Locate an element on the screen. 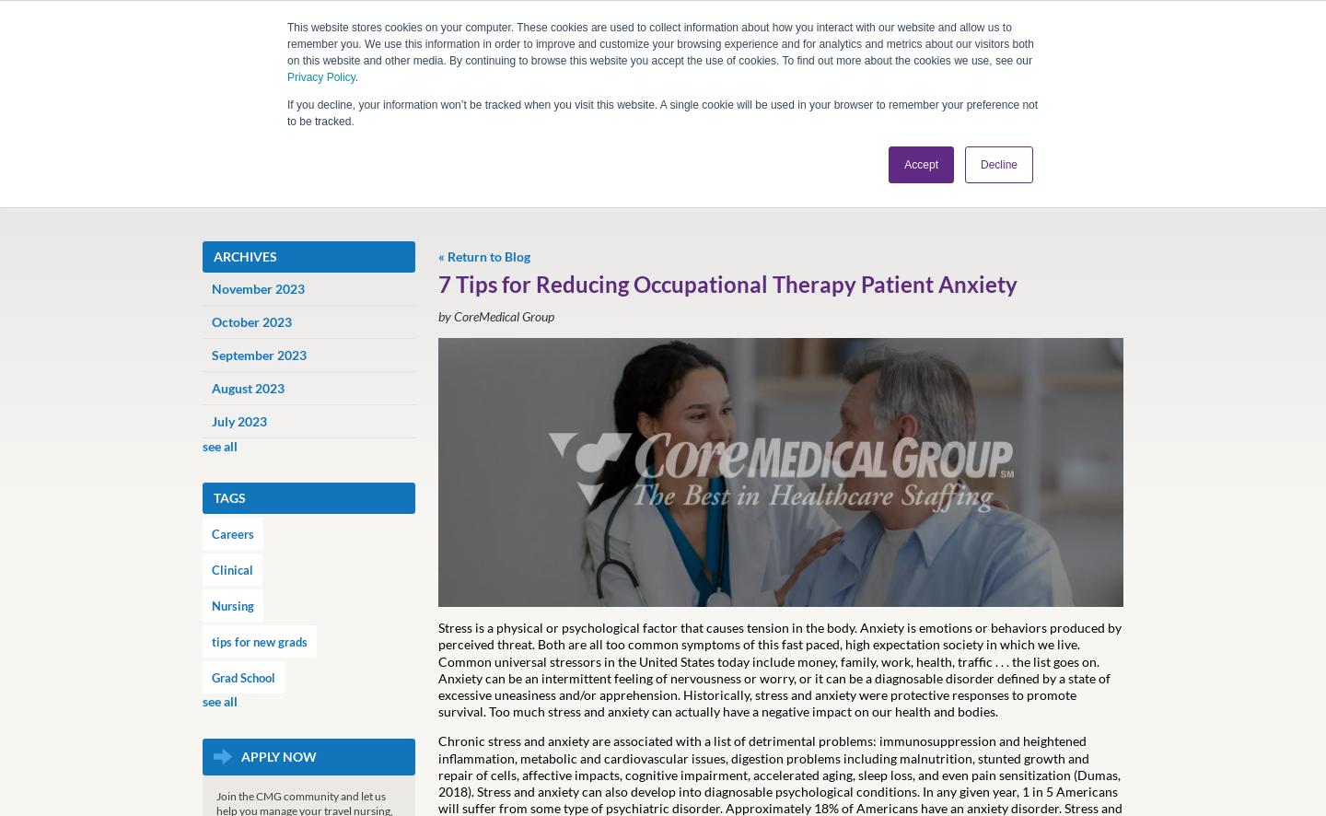  'Guide to Interim Healthcare Management' is located at coordinates (425, 503).